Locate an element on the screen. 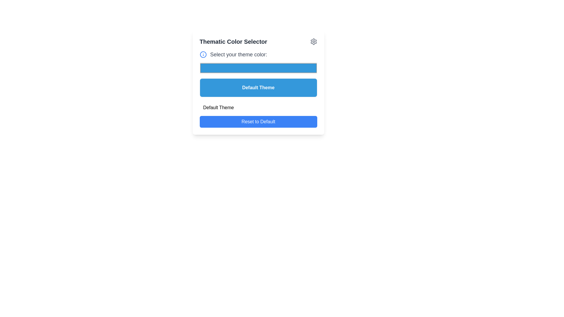 The height and width of the screenshot is (317, 564). the circular blue information icon with an outlined design, located to the left of the 'Select your theme color:' text label, for more information is located at coordinates (203, 54).